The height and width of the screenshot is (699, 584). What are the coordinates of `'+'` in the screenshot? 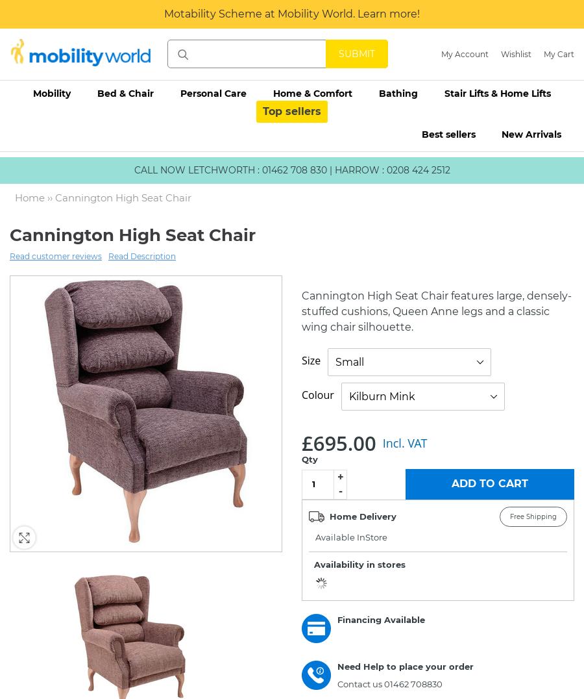 It's located at (339, 476).